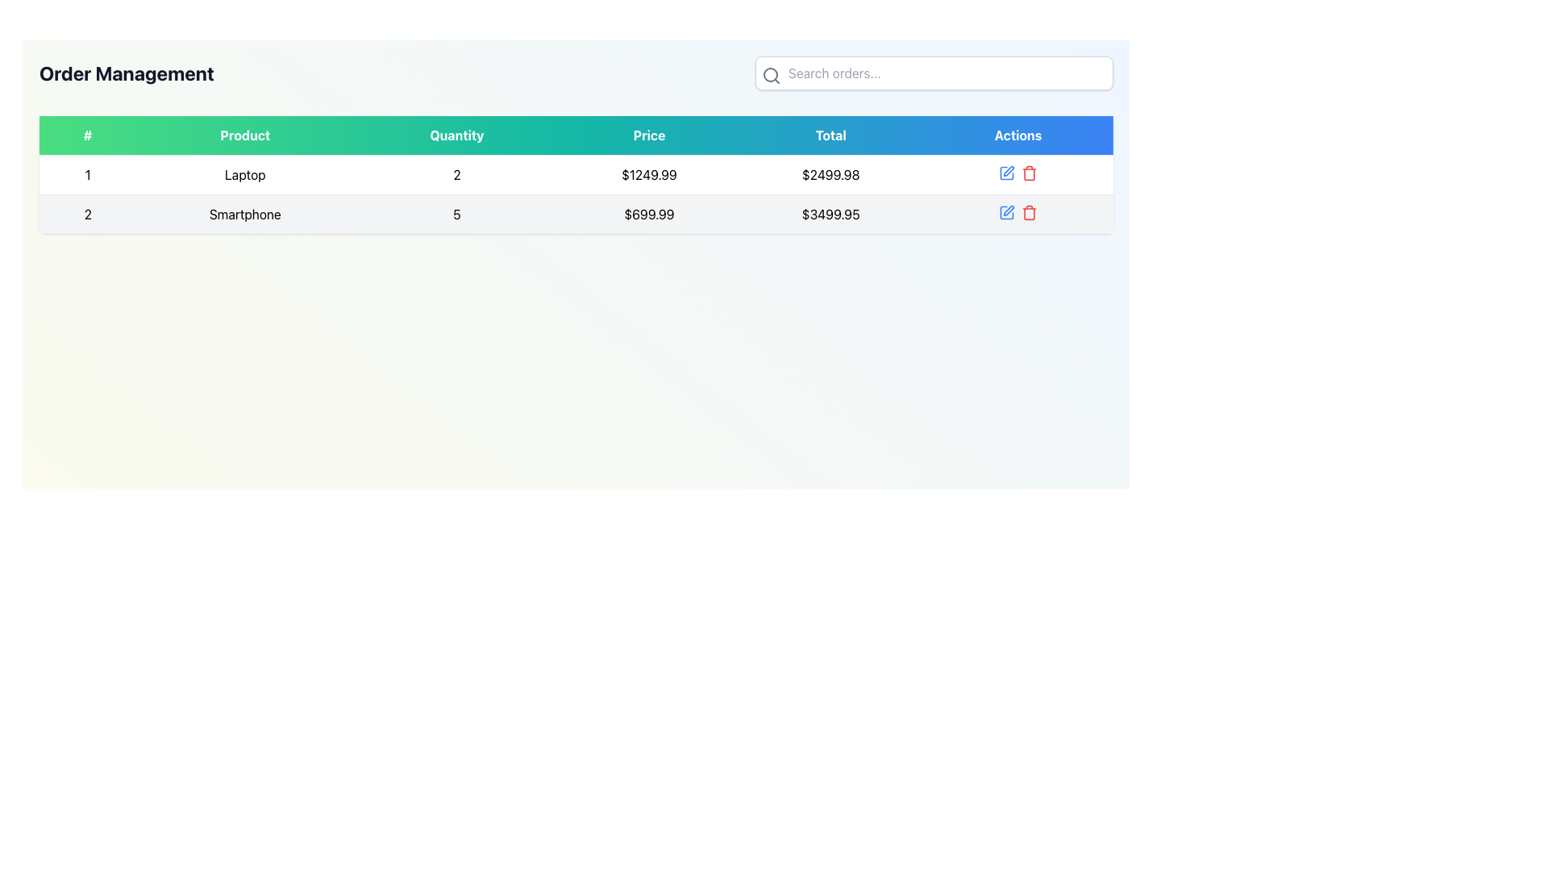 The height and width of the screenshot is (871, 1548). What do you see at coordinates (770, 75) in the screenshot?
I see `the small, circular gray magnifying glass icon located at the left side of the input field labeled 'Search orders...'` at bounding box center [770, 75].